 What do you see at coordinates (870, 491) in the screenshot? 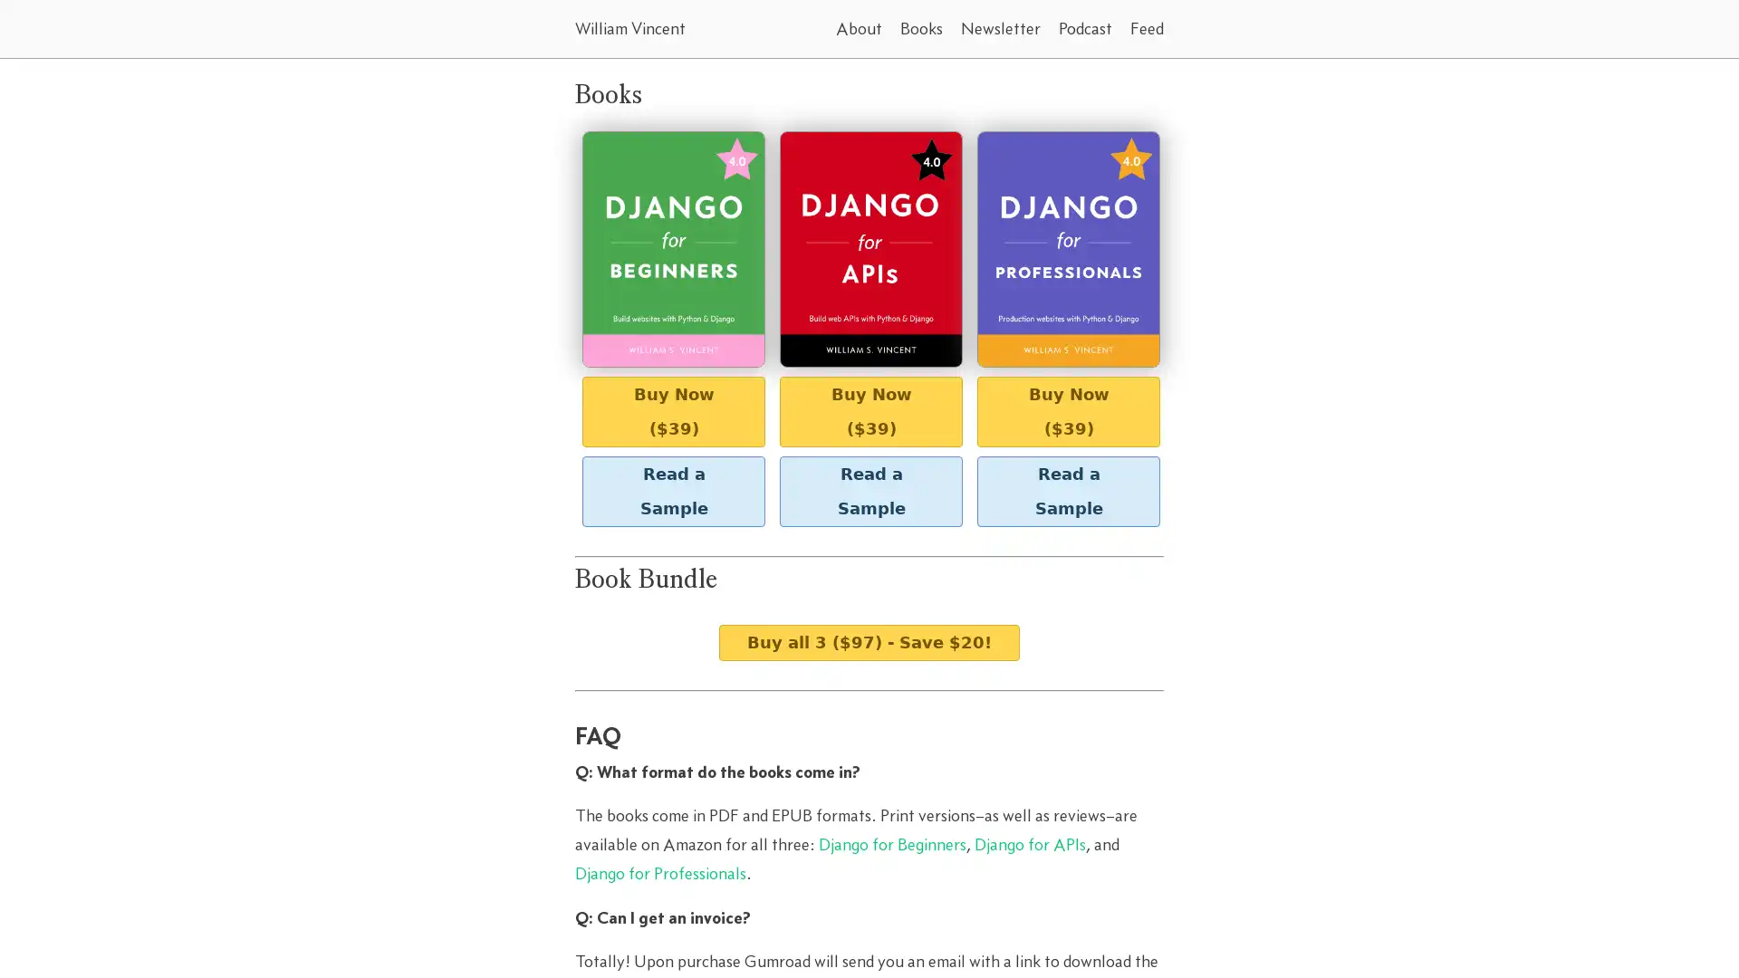
I see `Read a Sample` at bounding box center [870, 491].